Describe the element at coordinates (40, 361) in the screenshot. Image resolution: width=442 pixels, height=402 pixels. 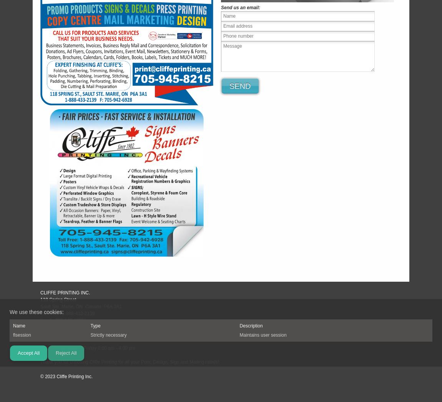
I see `'Thank you for choosing Cliffe Printing for all your Print, Design, Sign and Mailing needs!'` at that location.